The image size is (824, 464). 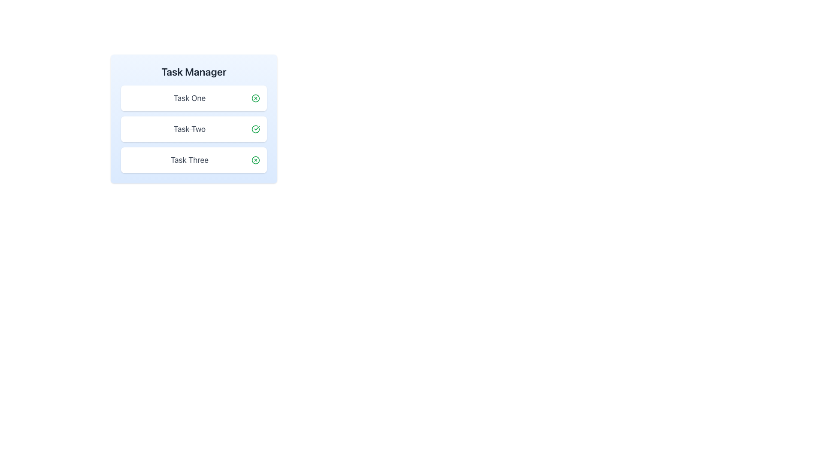 What do you see at coordinates (255, 129) in the screenshot?
I see `the green circular icon with a checkmark at its center` at bounding box center [255, 129].